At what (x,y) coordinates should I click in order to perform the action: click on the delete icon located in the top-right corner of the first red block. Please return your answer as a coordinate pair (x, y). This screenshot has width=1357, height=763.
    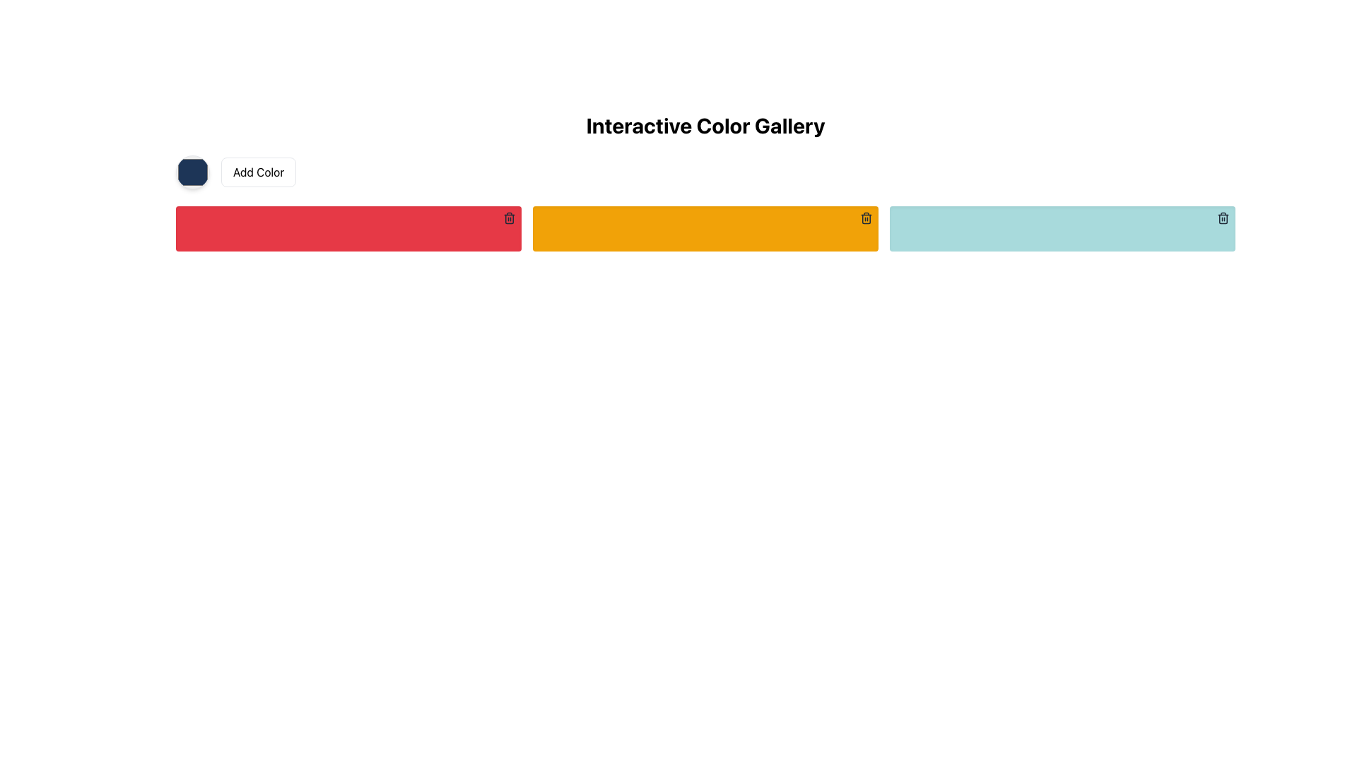
    Looking at the image, I should click on (509, 219).